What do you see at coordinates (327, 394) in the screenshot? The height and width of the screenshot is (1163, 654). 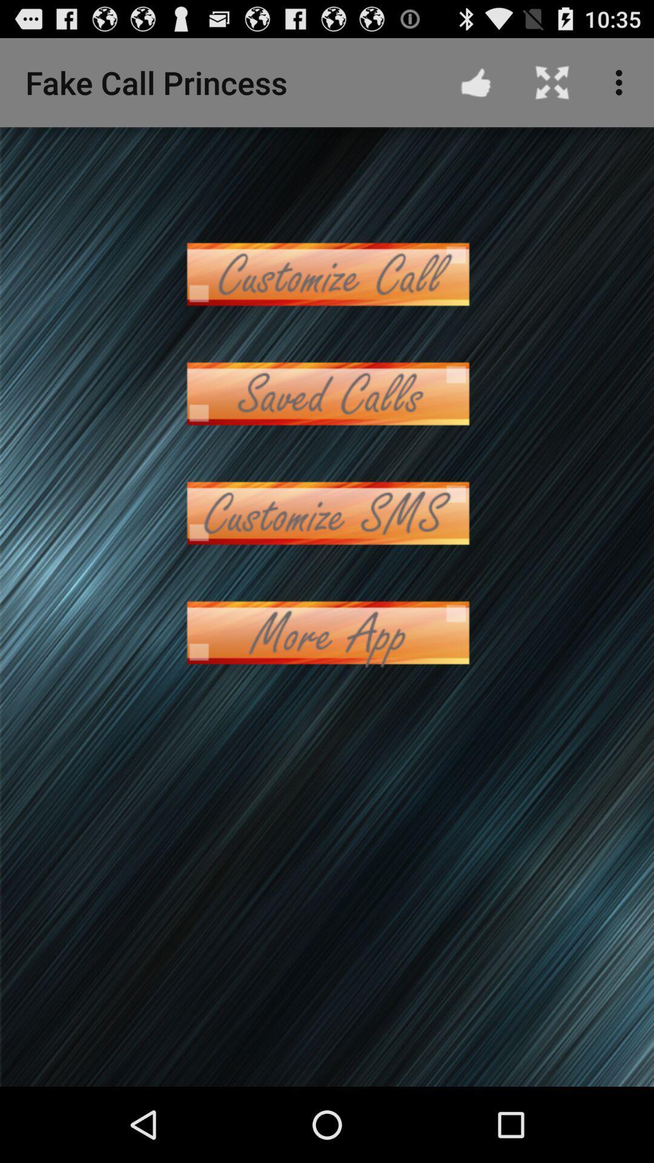 I see `check saved calls` at bounding box center [327, 394].